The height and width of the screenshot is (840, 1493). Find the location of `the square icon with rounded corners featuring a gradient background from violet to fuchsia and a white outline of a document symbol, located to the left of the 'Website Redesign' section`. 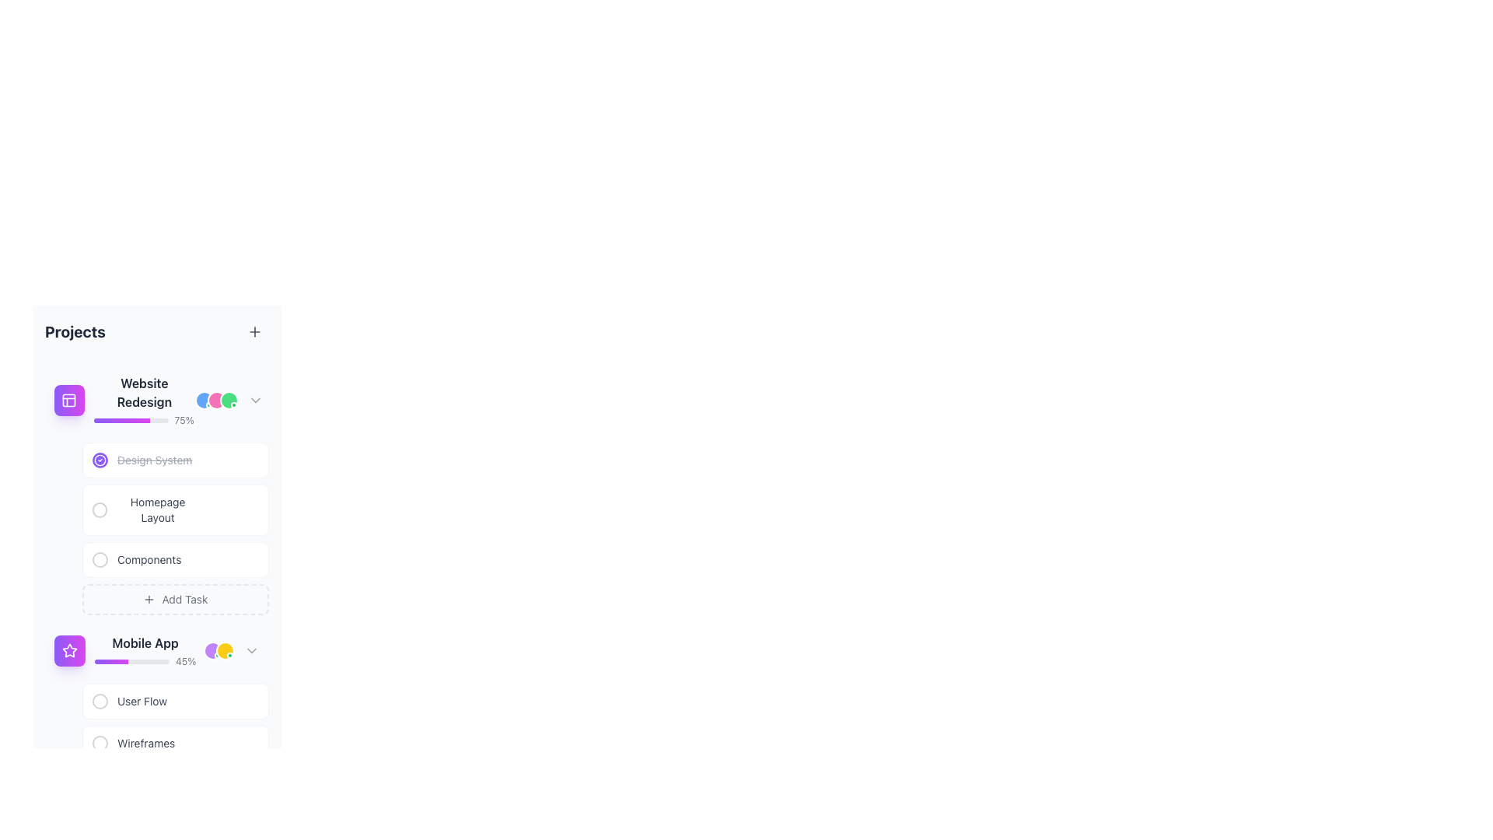

the square icon with rounded corners featuring a gradient background from violet to fuchsia and a white outline of a document symbol, located to the left of the 'Website Redesign' section is located at coordinates (68, 400).